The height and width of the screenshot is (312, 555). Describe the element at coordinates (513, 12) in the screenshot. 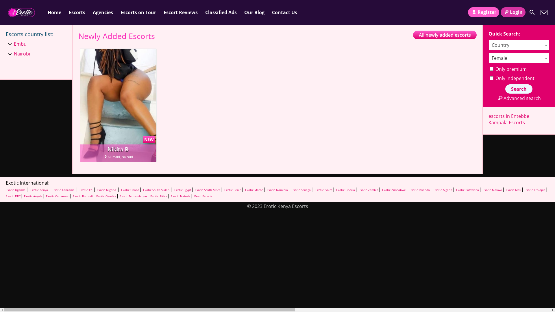

I see `'Login'` at that location.